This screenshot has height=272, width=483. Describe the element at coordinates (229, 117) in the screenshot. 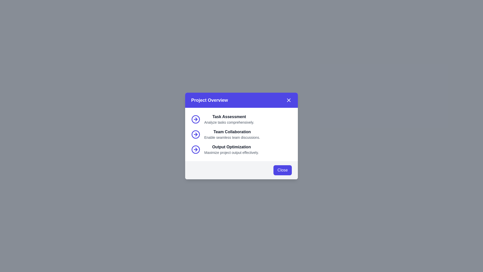

I see `the title text element that introduces or labels the following descriptive text, which is centrally placed above the text 'Analyze tasks comprehensively.'` at that location.